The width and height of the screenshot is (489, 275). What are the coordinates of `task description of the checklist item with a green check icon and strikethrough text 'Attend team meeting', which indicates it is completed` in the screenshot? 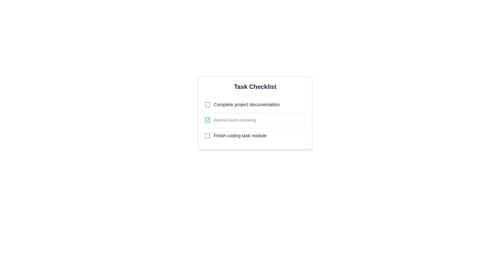 It's located at (255, 120).